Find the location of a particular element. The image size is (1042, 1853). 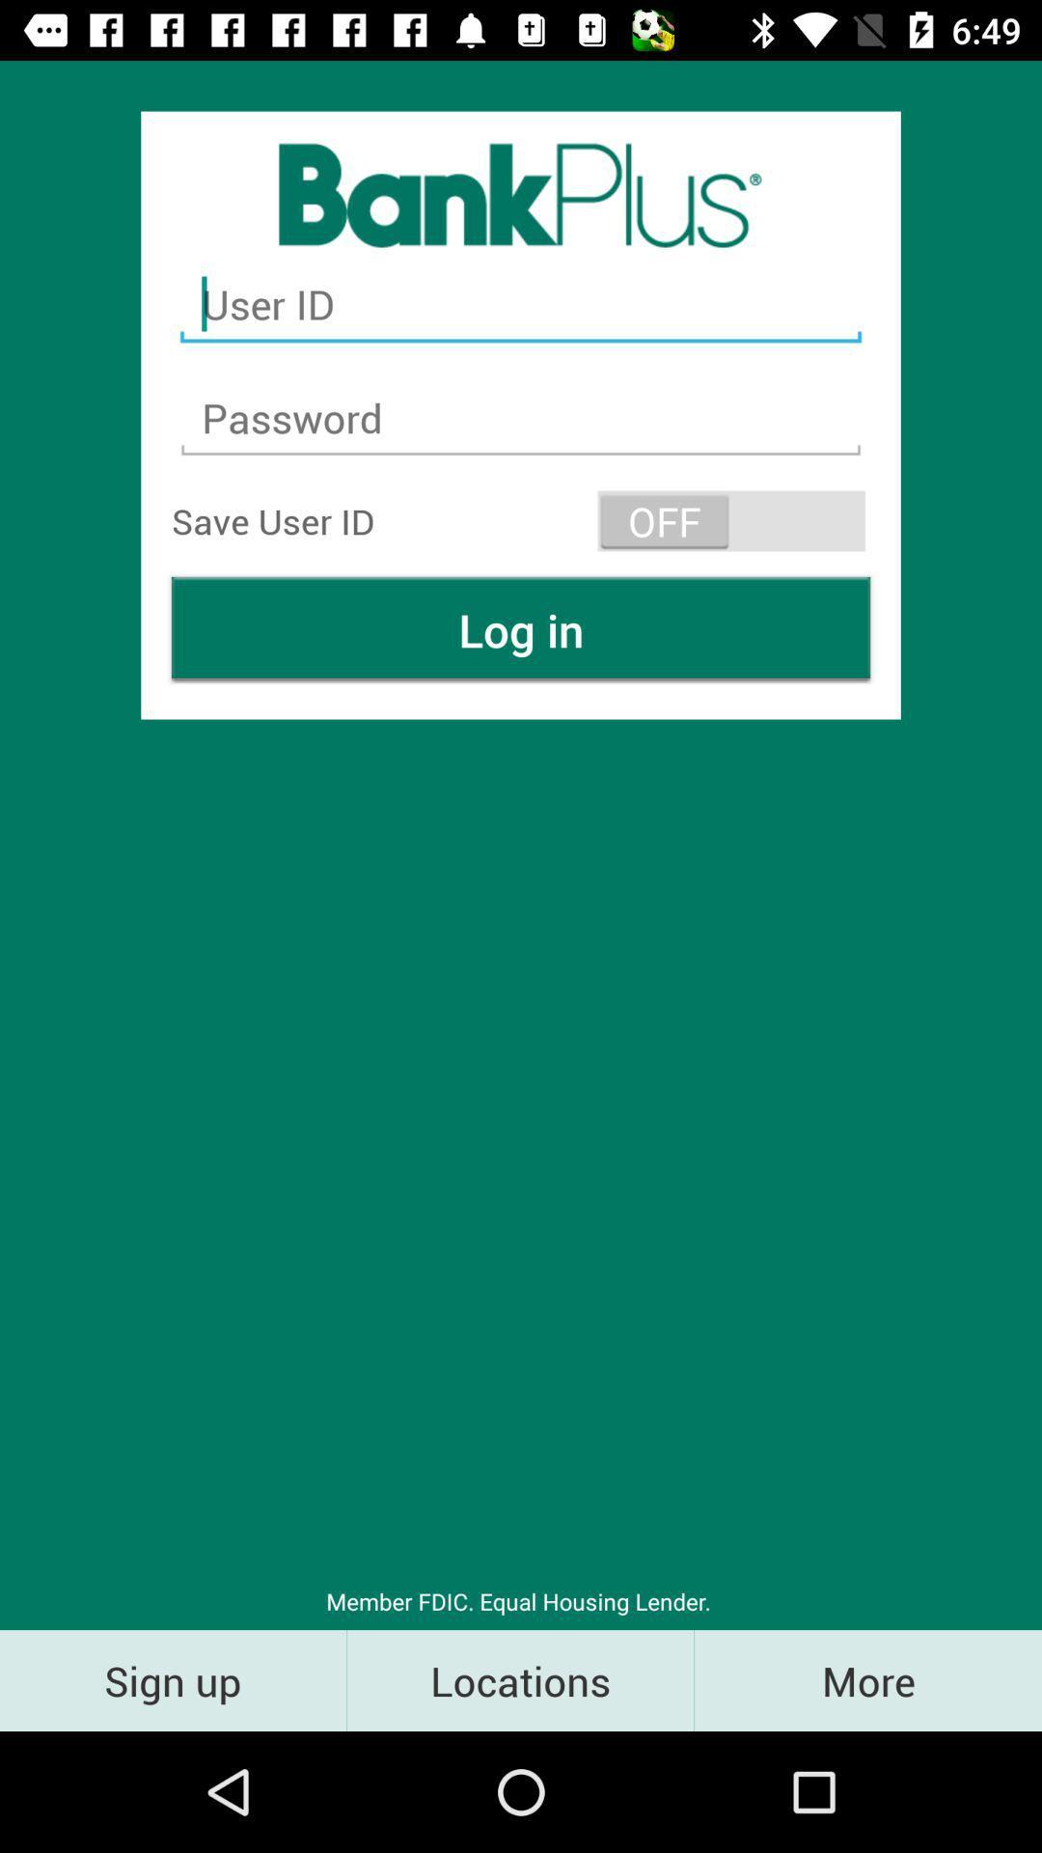

icon next to the save user id item is located at coordinates (731, 520).